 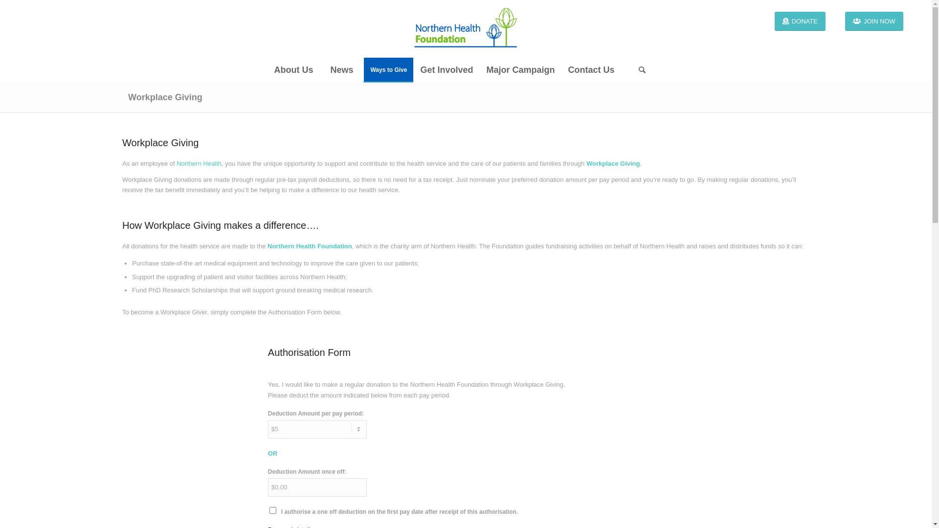 What do you see at coordinates (292, 69) in the screenshot?
I see `'About Us'` at bounding box center [292, 69].